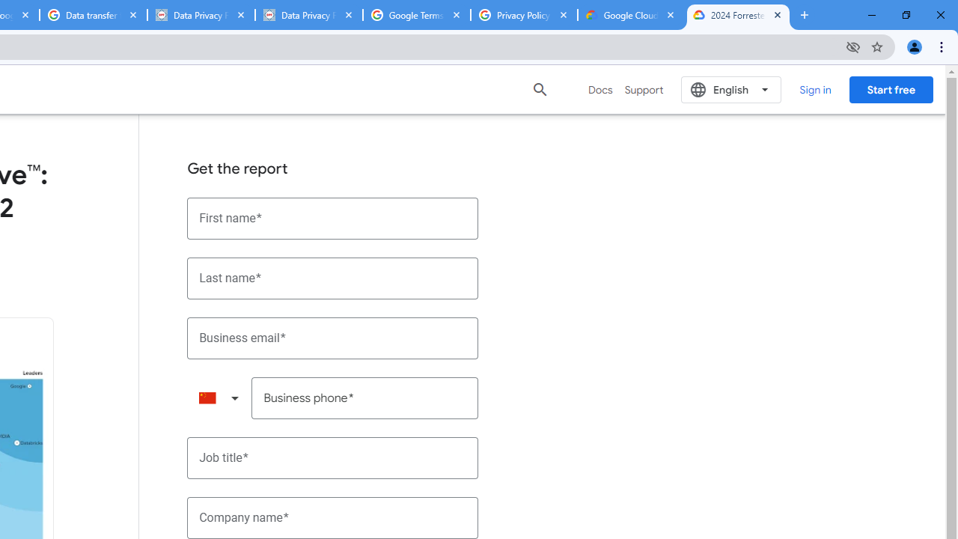 The image size is (958, 539). What do you see at coordinates (644, 89) in the screenshot?
I see `'Support'` at bounding box center [644, 89].